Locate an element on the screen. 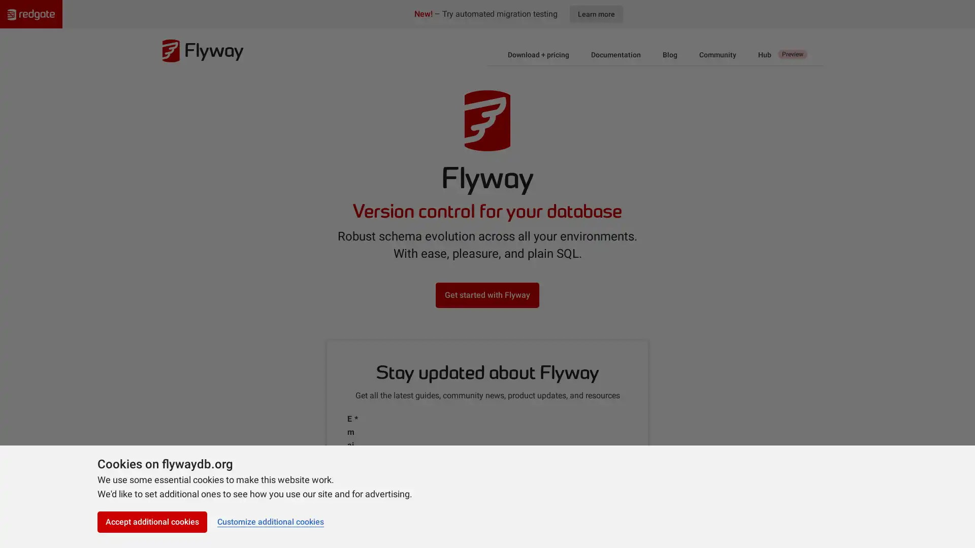 The image size is (975, 548). Accept additional cookies is located at coordinates (151, 522).